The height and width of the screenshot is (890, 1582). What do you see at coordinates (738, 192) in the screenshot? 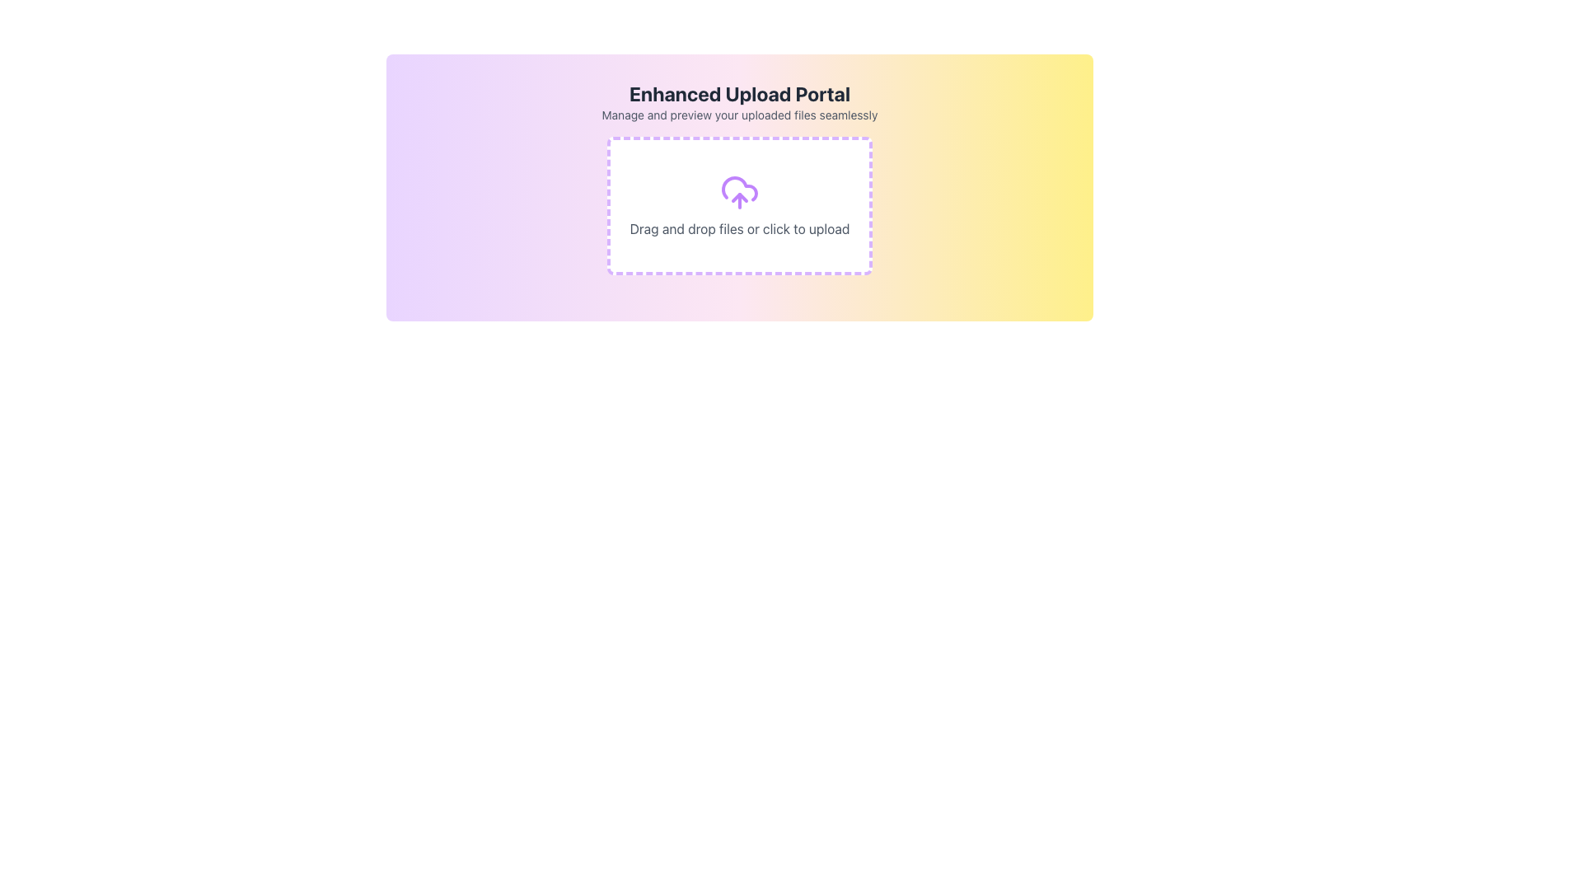
I see `the purple cloud upload icon` at bounding box center [738, 192].